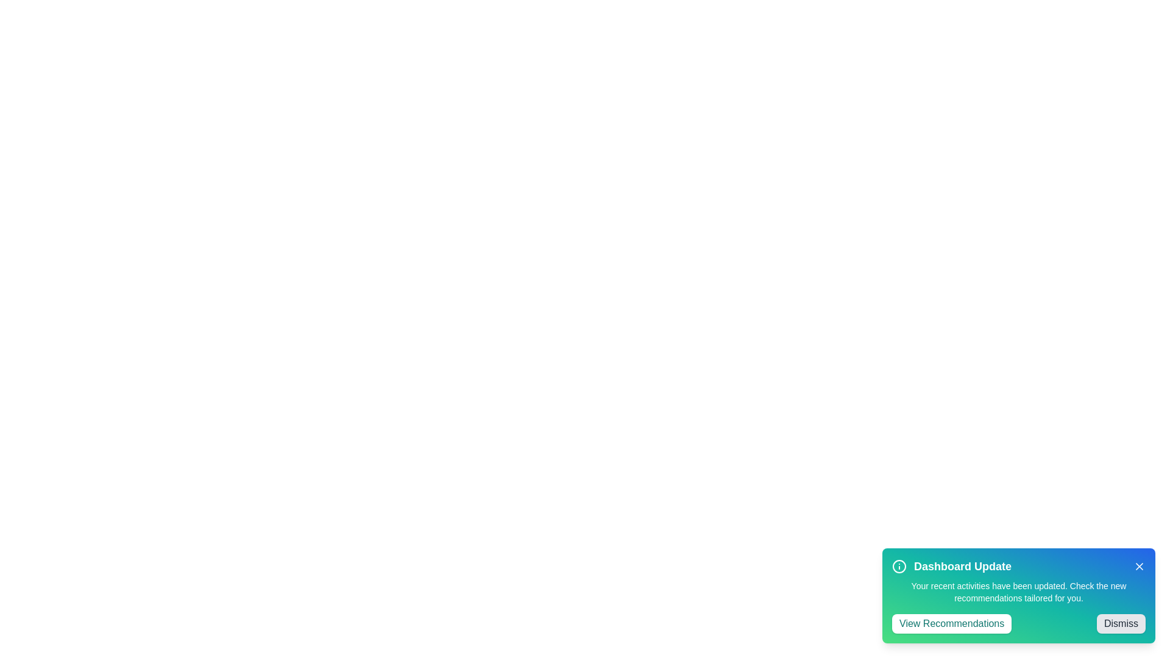  Describe the element at coordinates (899, 566) in the screenshot. I see `the icon to interact with it` at that location.